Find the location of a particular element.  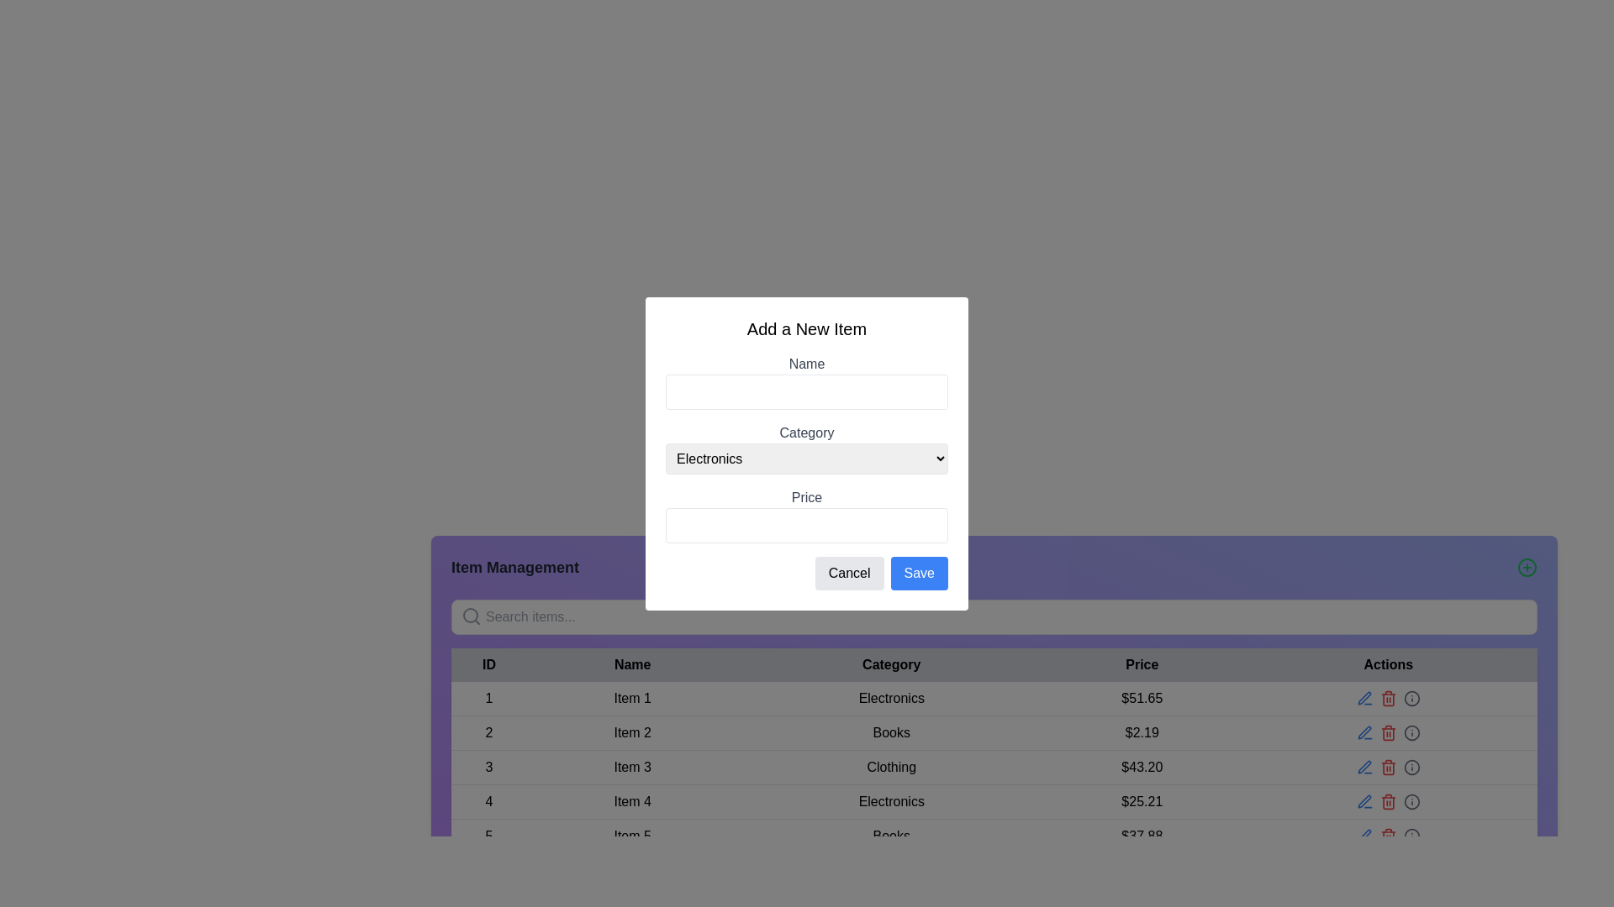

the text display element showing the numeral '2' in the ID column of the table, located in the second row is located at coordinates (488, 731).